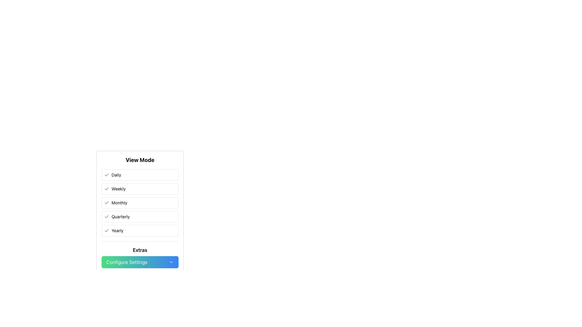 This screenshot has height=327, width=582. I want to click on the 'Quarterly' button in the 'View Mode' list, so click(139, 211).